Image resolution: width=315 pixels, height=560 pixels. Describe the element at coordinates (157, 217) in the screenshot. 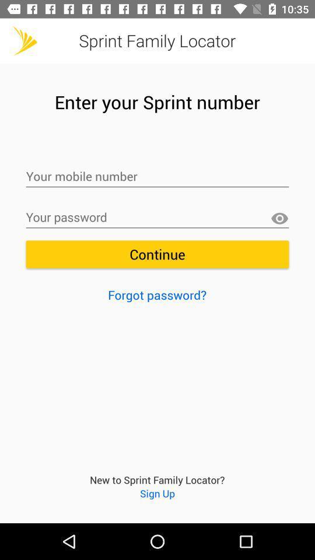

I see `your password` at that location.